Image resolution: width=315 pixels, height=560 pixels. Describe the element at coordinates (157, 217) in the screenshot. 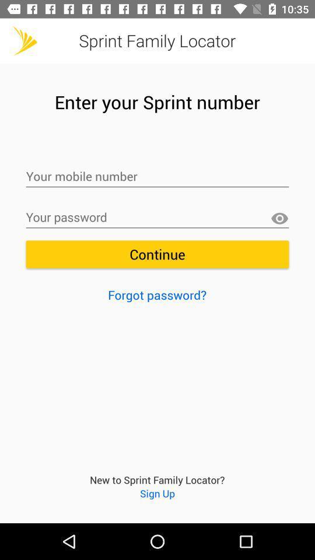

I see `your password` at that location.